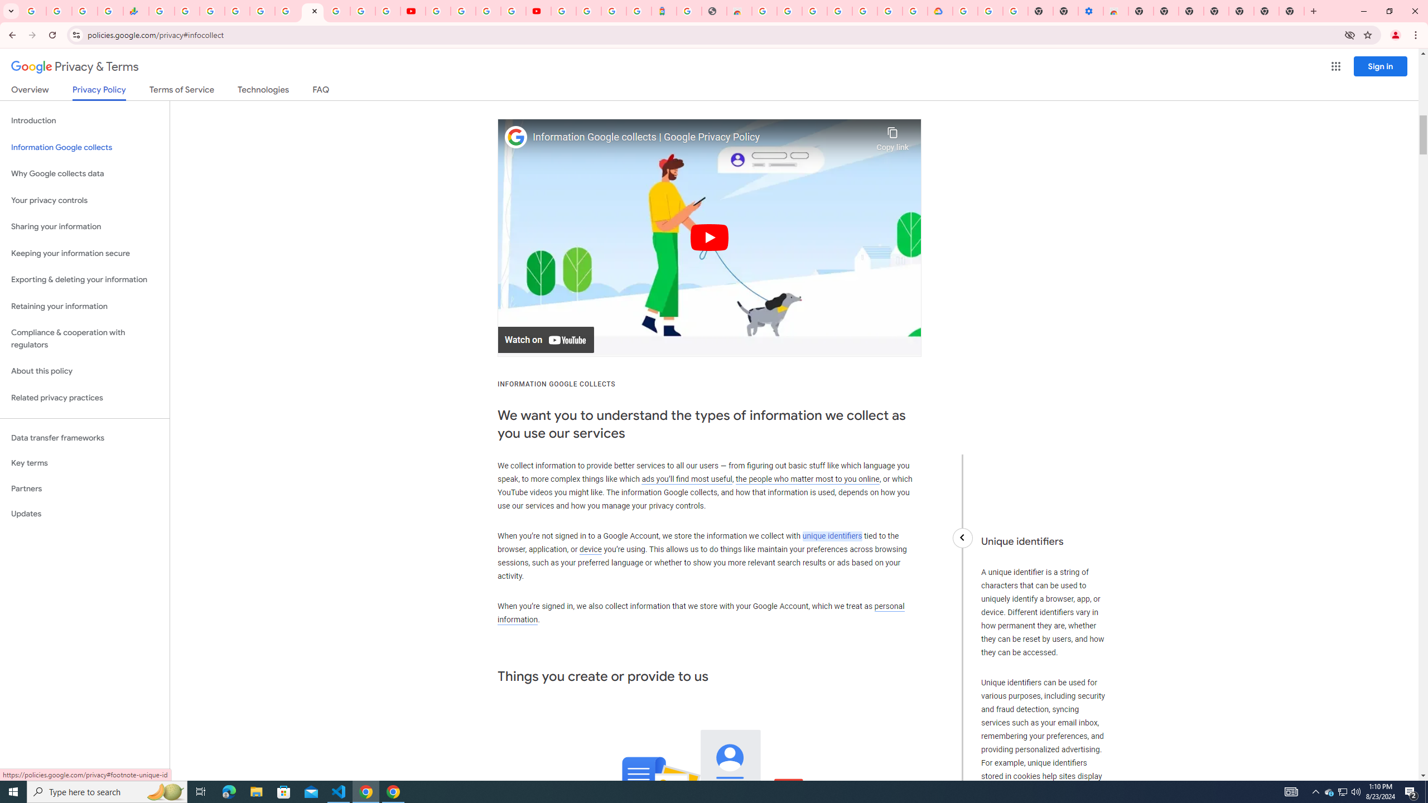  I want to click on 'Privacy Checkup', so click(387, 11).